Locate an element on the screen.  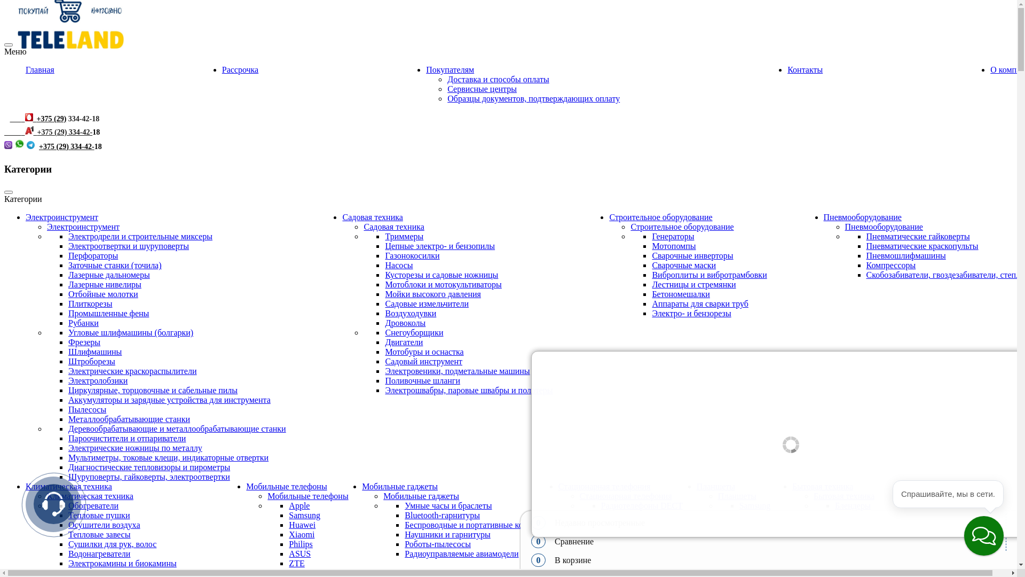
'Apple' is located at coordinates (299, 505).